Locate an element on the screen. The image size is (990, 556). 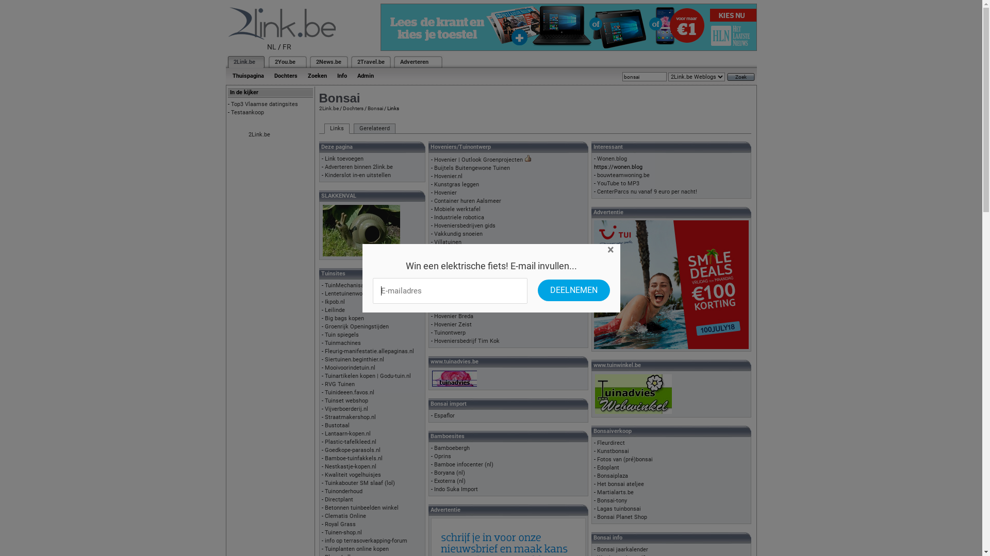
'Tuinen-shop.nl' is located at coordinates (343, 532).